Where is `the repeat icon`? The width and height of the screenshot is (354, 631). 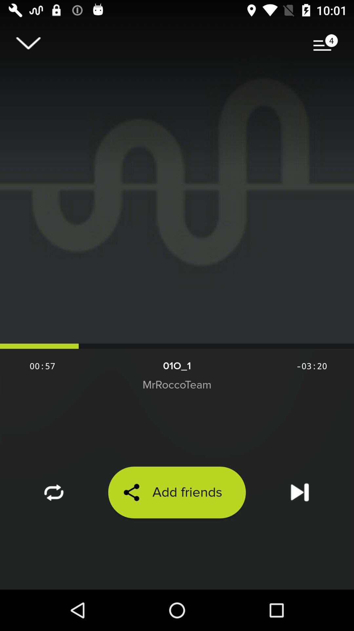 the repeat icon is located at coordinates (54, 527).